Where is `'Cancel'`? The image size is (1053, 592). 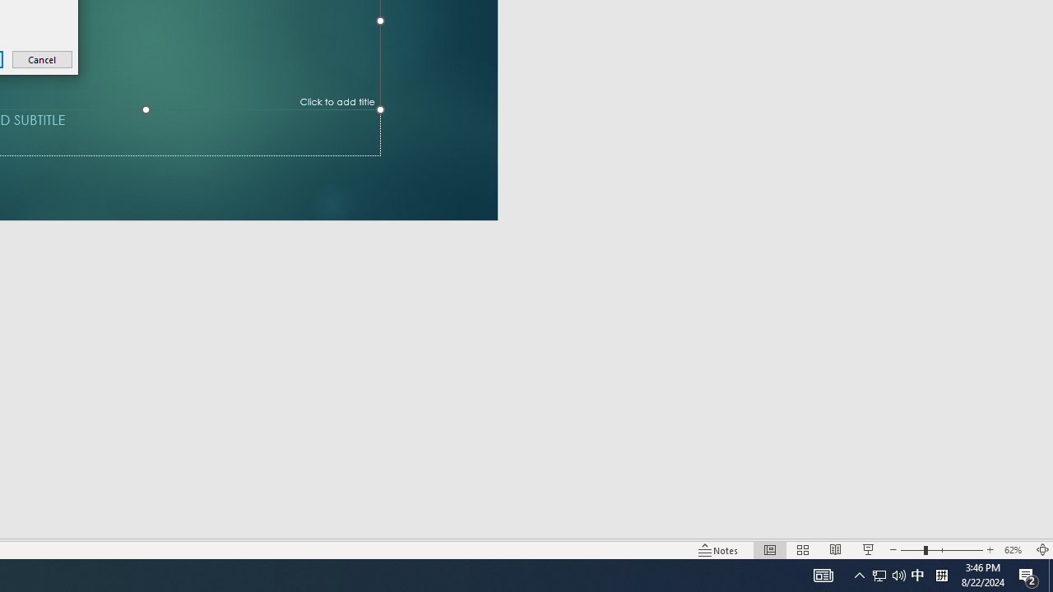
'Cancel' is located at coordinates (42, 58).